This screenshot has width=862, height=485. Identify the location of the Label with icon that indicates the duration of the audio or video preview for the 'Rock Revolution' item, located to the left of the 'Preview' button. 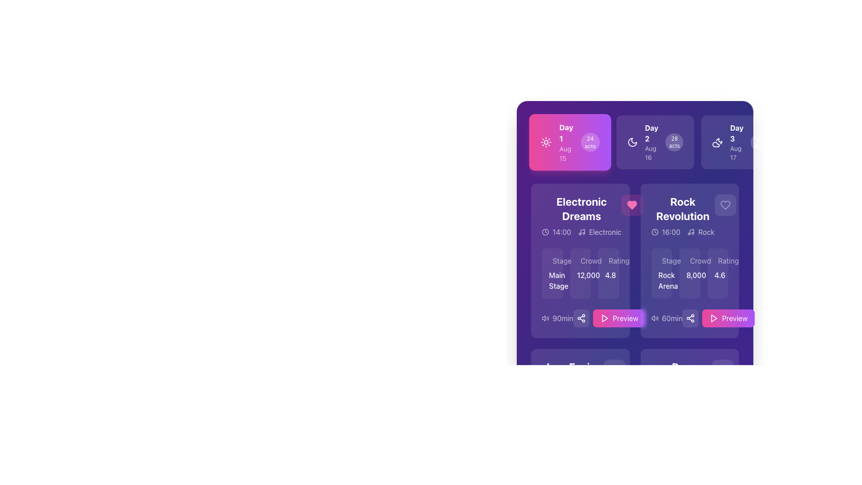
(667, 318).